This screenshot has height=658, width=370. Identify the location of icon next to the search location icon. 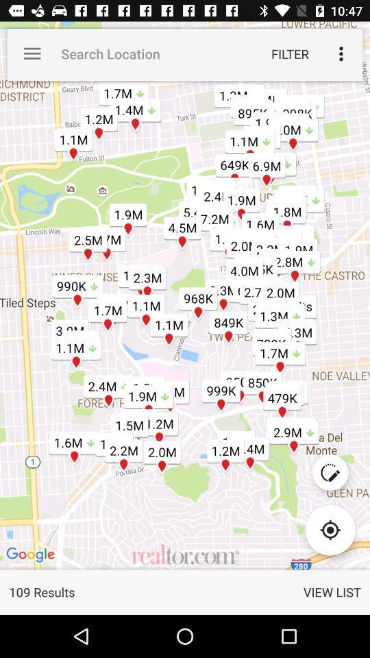
(289, 53).